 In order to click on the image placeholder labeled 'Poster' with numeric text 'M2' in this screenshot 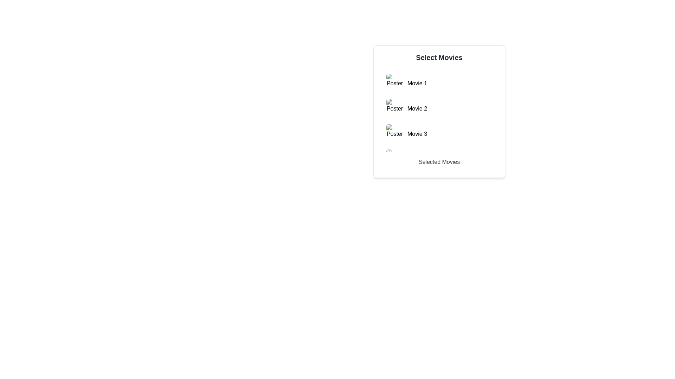, I will do `click(395, 108)`.